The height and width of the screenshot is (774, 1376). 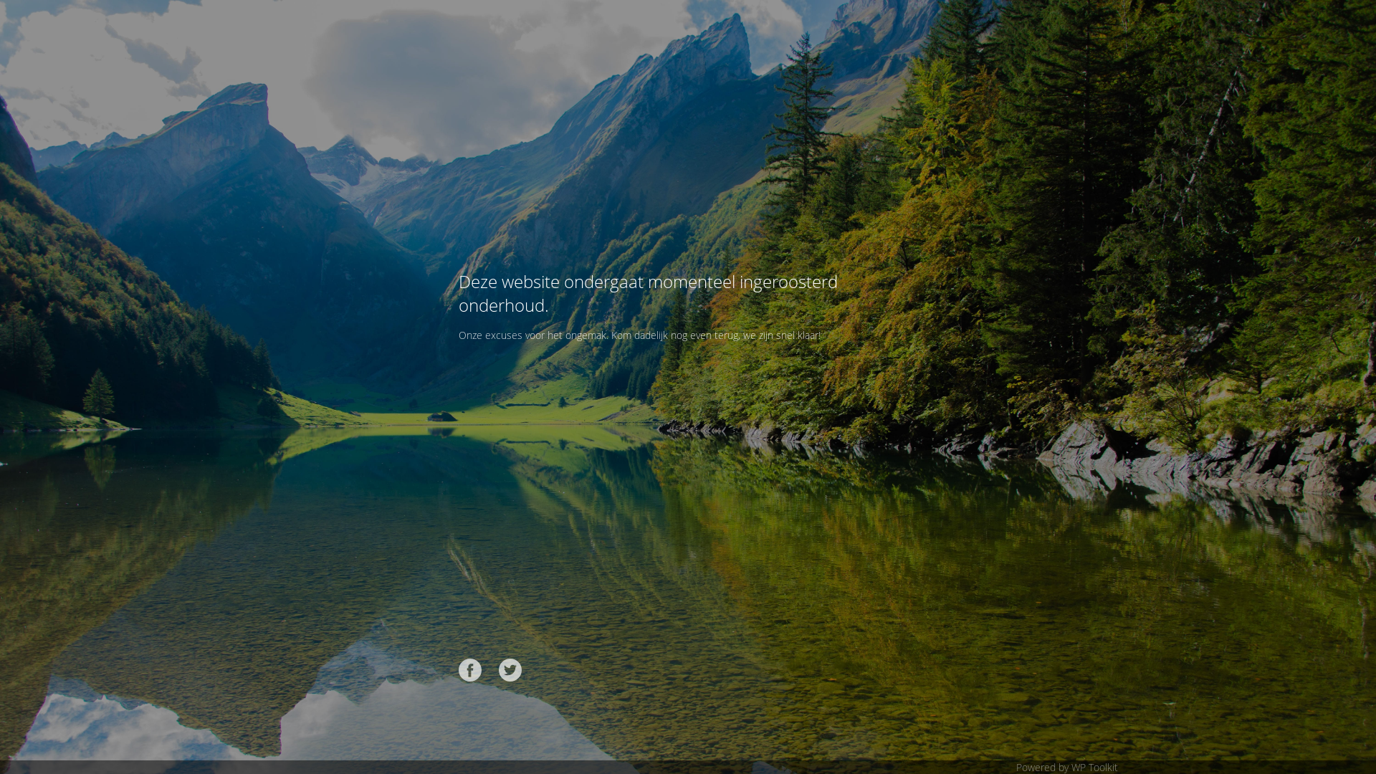 I want to click on 'Twitter', so click(x=510, y=669).